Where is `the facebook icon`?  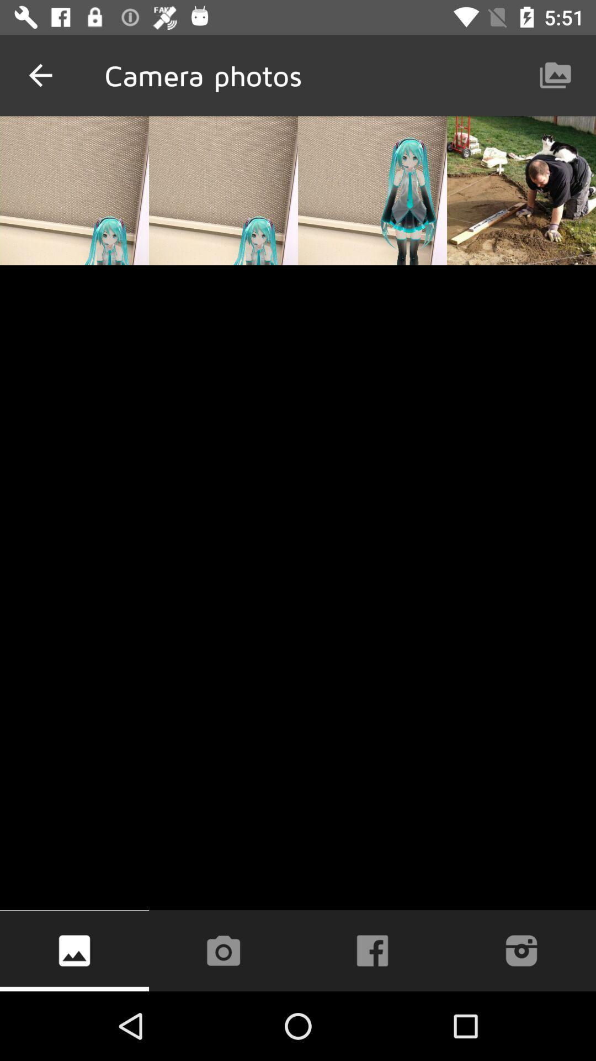
the facebook icon is located at coordinates (372, 950).